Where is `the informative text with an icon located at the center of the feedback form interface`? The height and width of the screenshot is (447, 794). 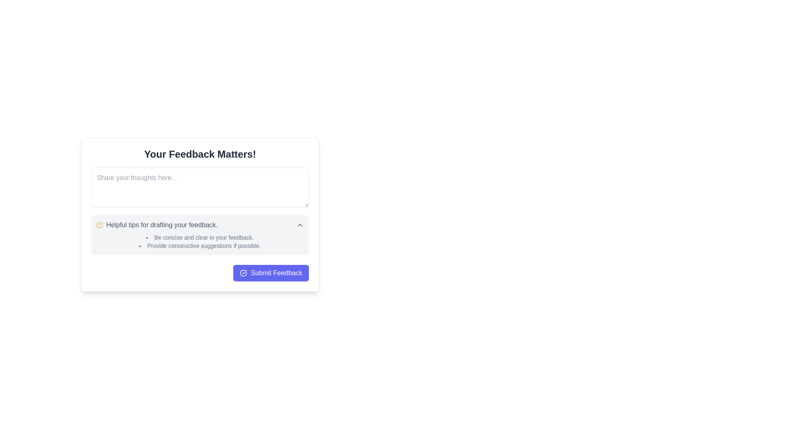
the informative text with an icon located at the center of the feedback form interface is located at coordinates (157, 225).